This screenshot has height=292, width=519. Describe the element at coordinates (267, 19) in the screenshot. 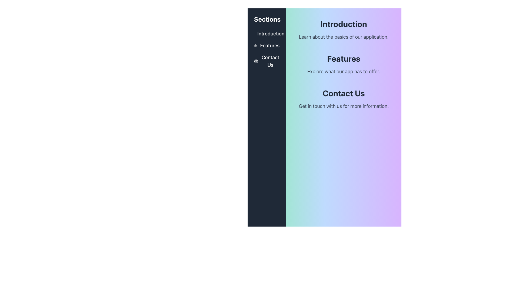

I see `the static text heading located at the upper-left section of the sidebar, which serves as a label for the navigational links below it` at that location.